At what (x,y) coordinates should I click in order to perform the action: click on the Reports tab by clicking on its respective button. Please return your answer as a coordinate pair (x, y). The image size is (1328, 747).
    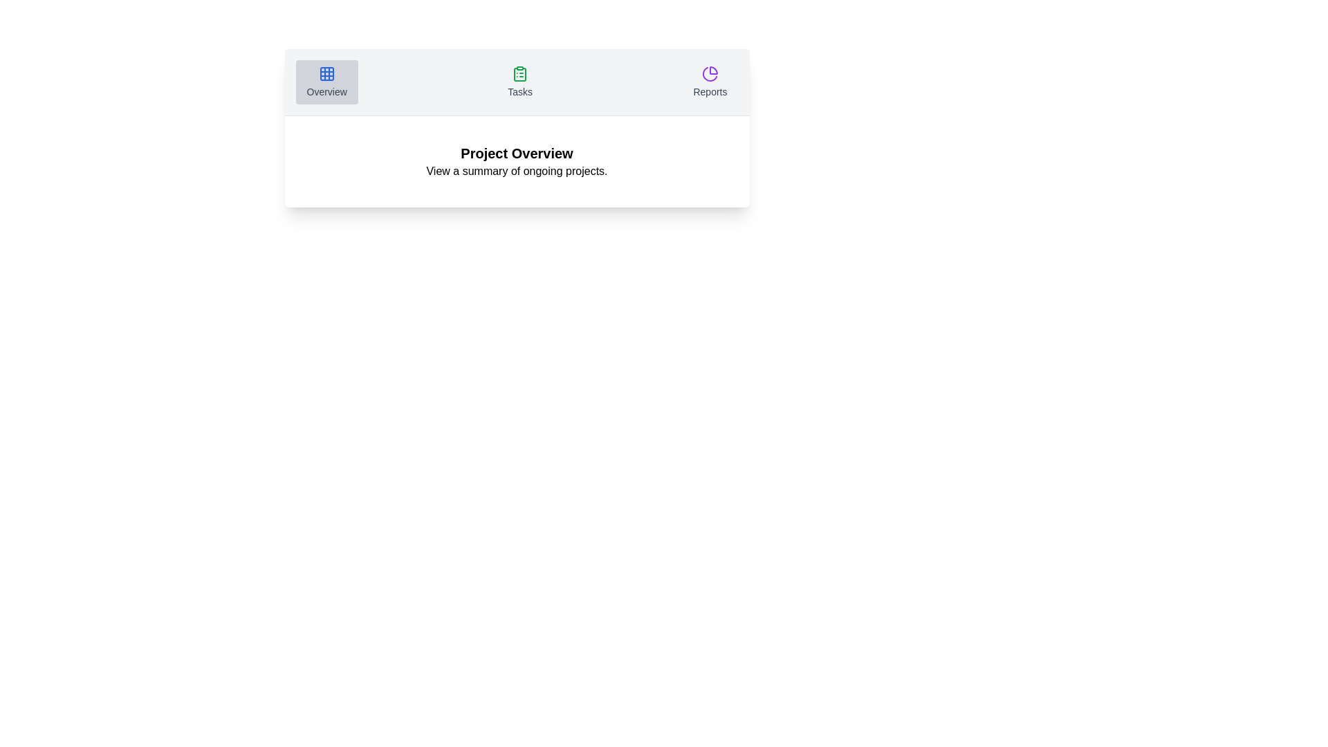
    Looking at the image, I should click on (710, 82).